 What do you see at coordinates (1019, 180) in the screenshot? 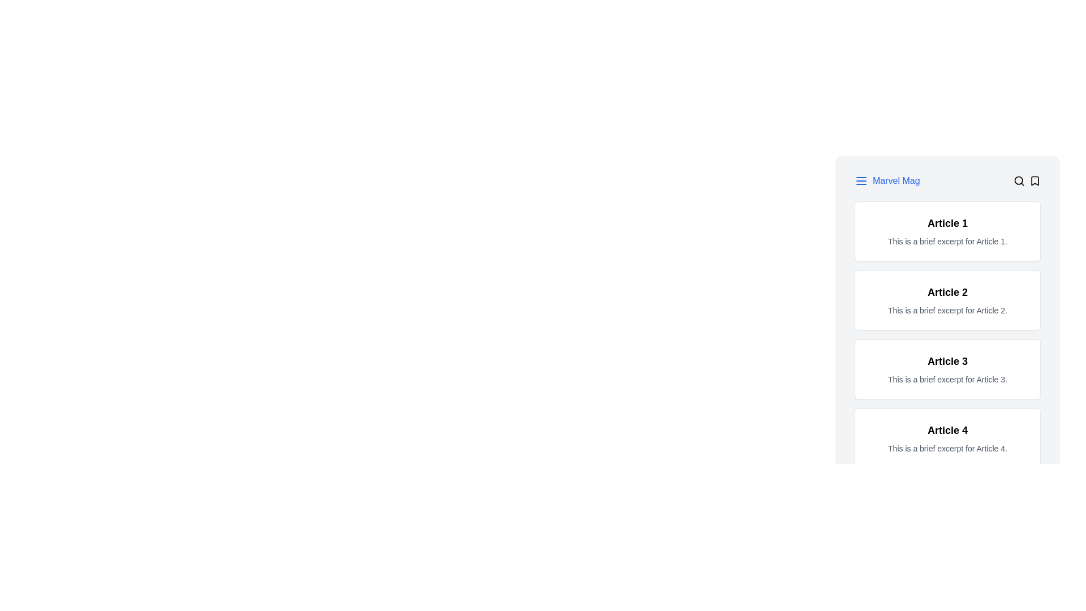
I see `the search icon button` at bounding box center [1019, 180].